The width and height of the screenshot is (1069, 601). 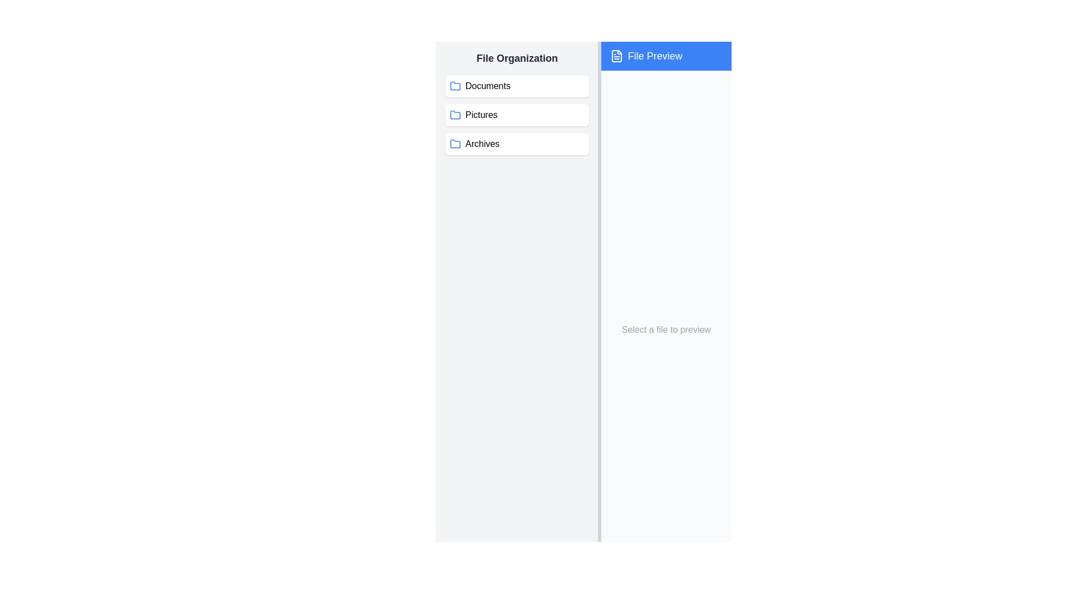 I want to click on the blue outlined folder icon to the left of the 'Documents' label, so click(x=455, y=85).